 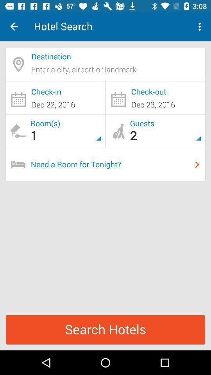 What do you see at coordinates (14, 27) in the screenshot?
I see `item next to hotel search` at bounding box center [14, 27].